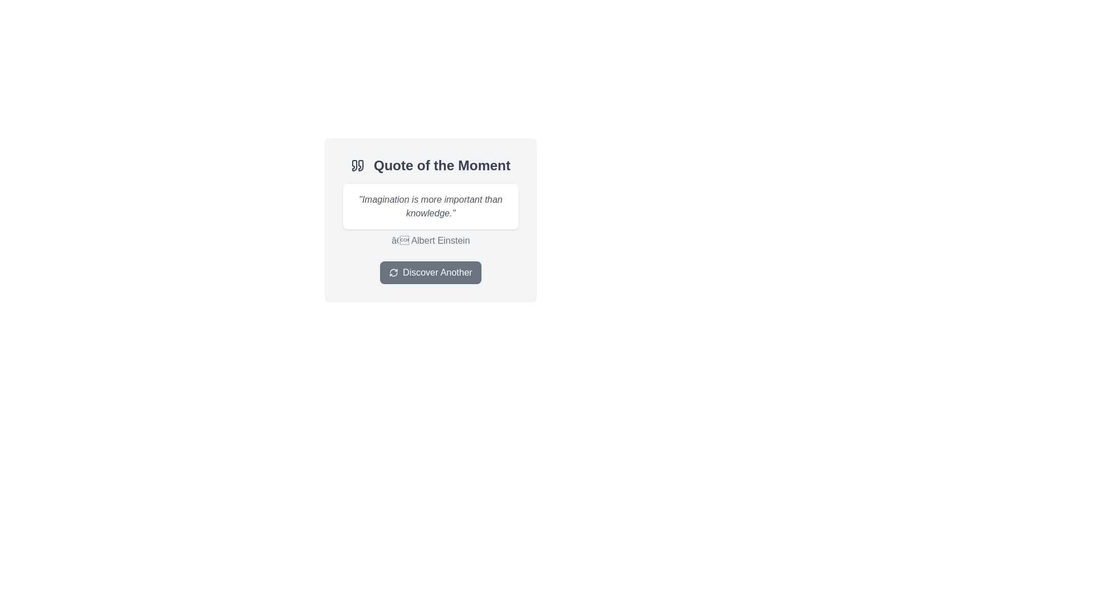 The width and height of the screenshot is (1094, 615). What do you see at coordinates (430, 272) in the screenshot?
I see `the 'Discover Another' button with a dark gray background and white text` at bounding box center [430, 272].